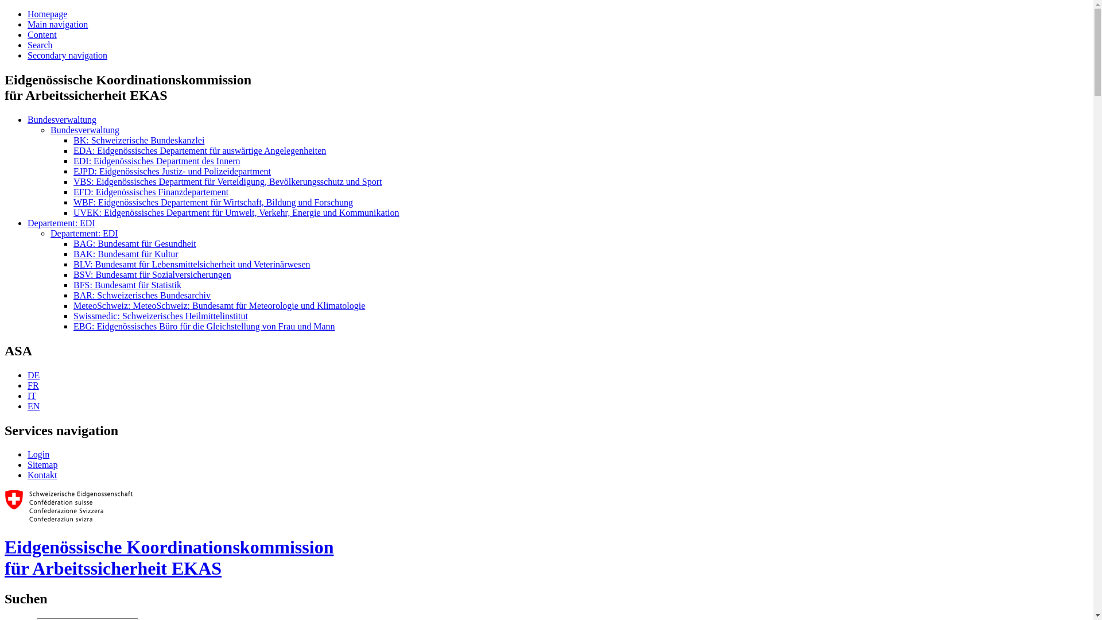 The height and width of the screenshot is (620, 1102). What do you see at coordinates (33, 405) in the screenshot?
I see `'EN'` at bounding box center [33, 405].